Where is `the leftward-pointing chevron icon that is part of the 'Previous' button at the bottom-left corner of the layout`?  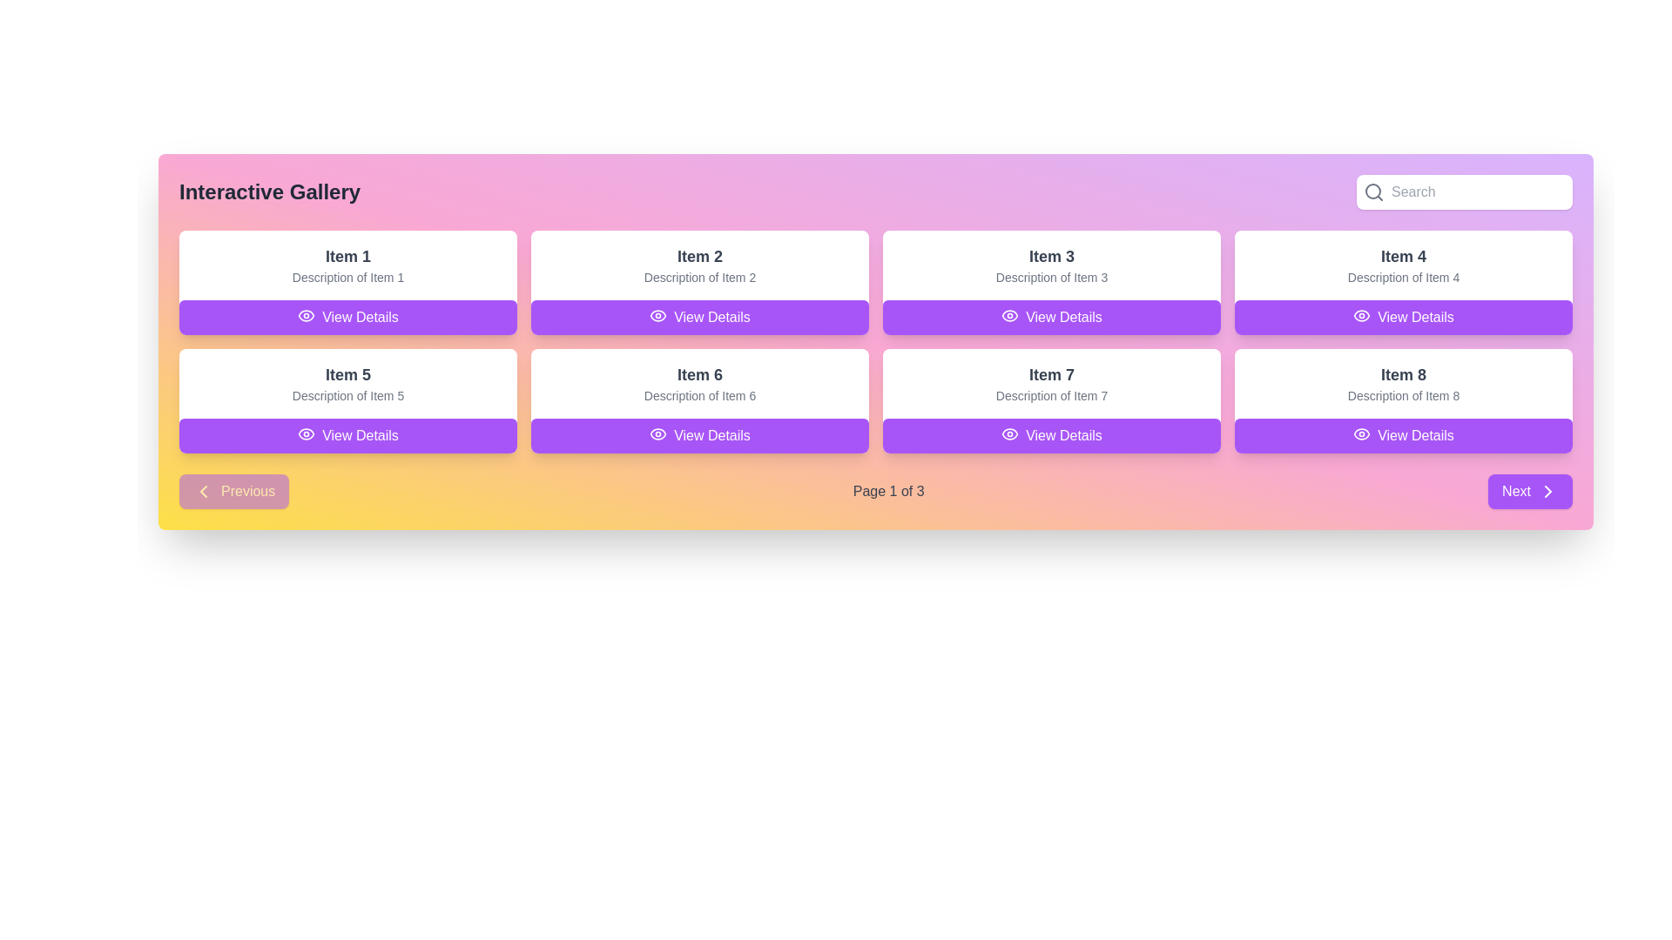 the leftward-pointing chevron icon that is part of the 'Previous' button at the bottom-left corner of the layout is located at coordinates (204, 491).